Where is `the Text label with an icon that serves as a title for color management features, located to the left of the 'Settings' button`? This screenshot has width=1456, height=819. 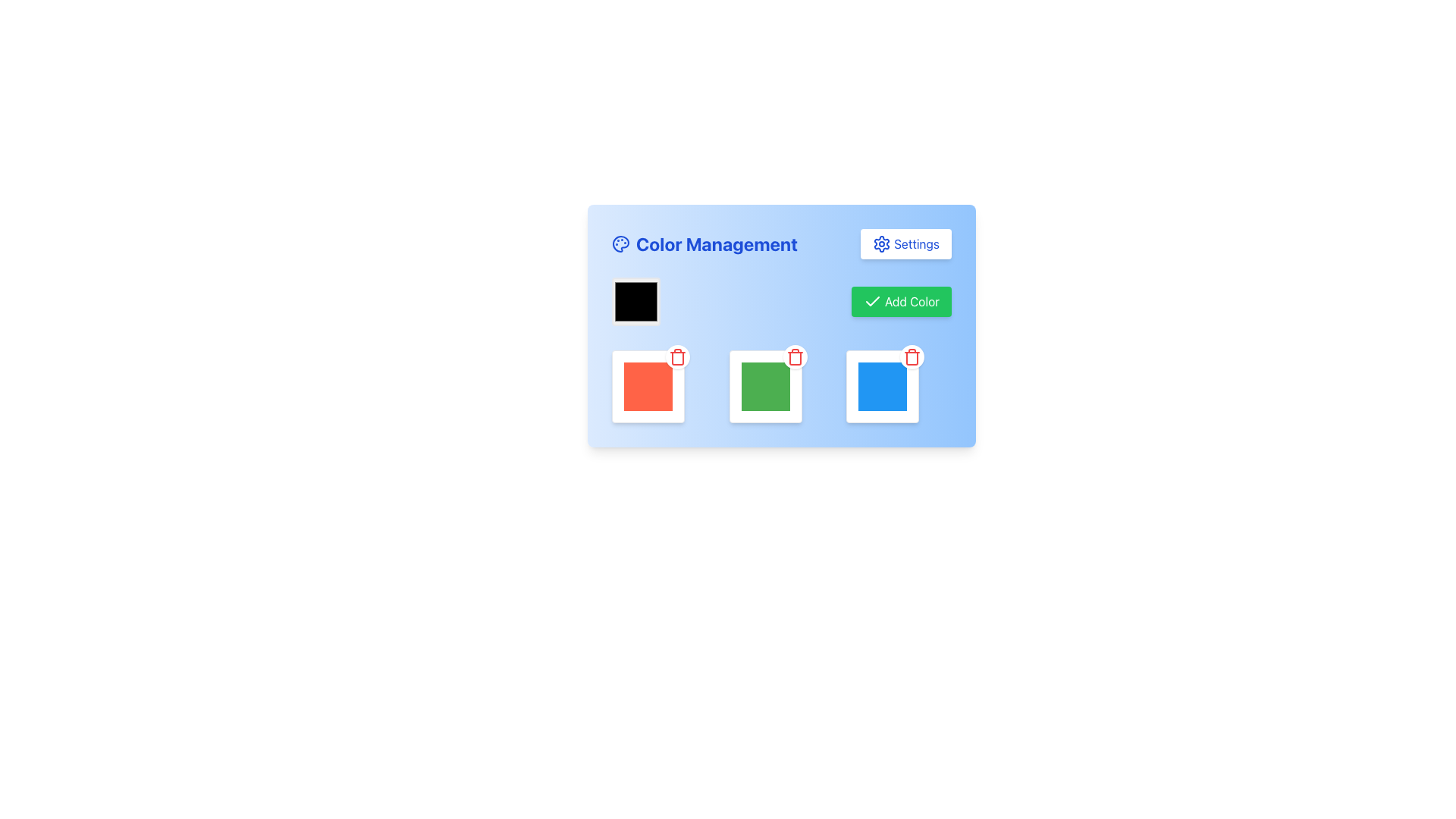 the Text label with an icon that serves as a title for color management features, located to the left of the 'Settings' button is located at coordinates (704, 243).